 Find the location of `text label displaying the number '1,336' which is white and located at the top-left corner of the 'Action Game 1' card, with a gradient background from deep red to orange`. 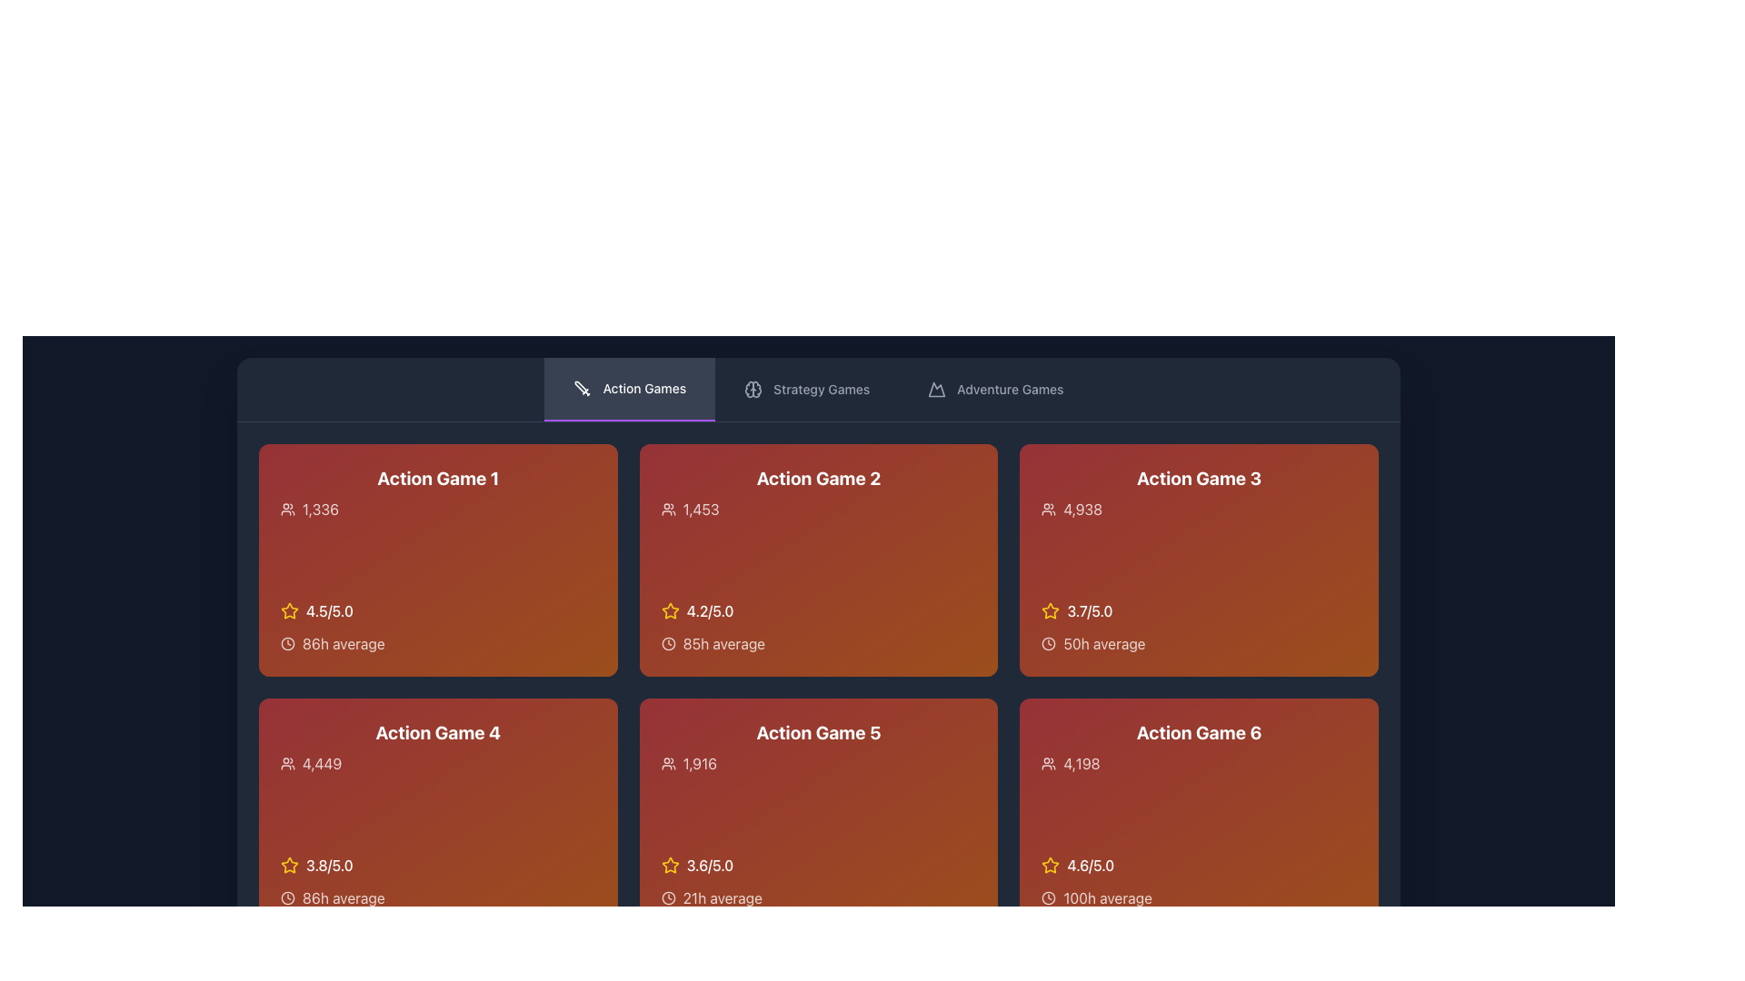

text label displaying the number '1,336' which is white and located at the top-left corner of the 'Action Game 1' card, with a gradient background from deep red to orange is located at coordinates (321, 509).